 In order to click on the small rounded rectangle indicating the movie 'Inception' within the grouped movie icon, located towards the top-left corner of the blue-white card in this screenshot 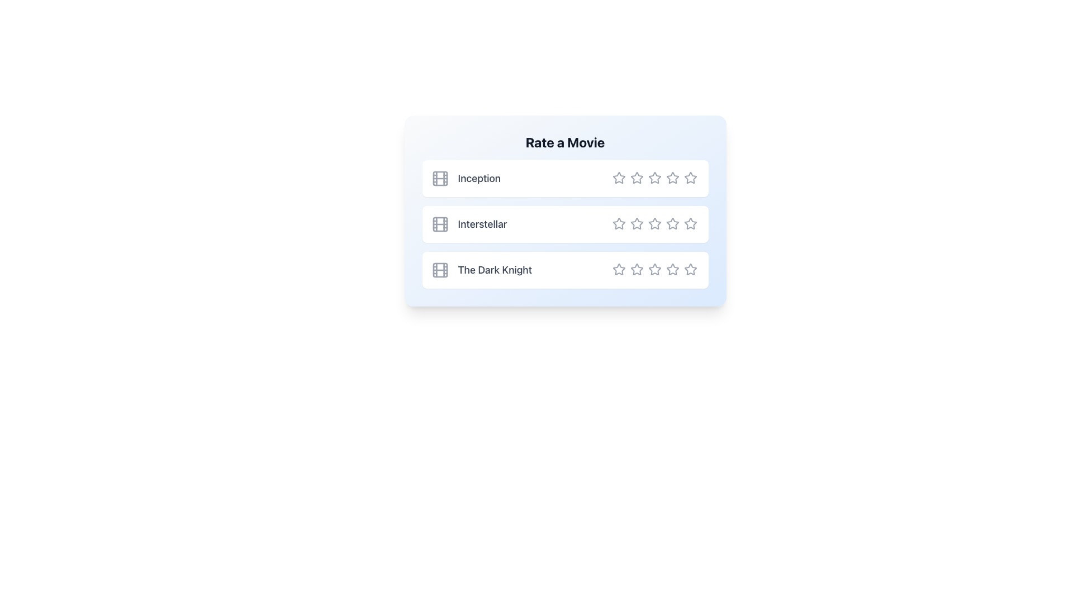, I will do `click(439, 178)`.